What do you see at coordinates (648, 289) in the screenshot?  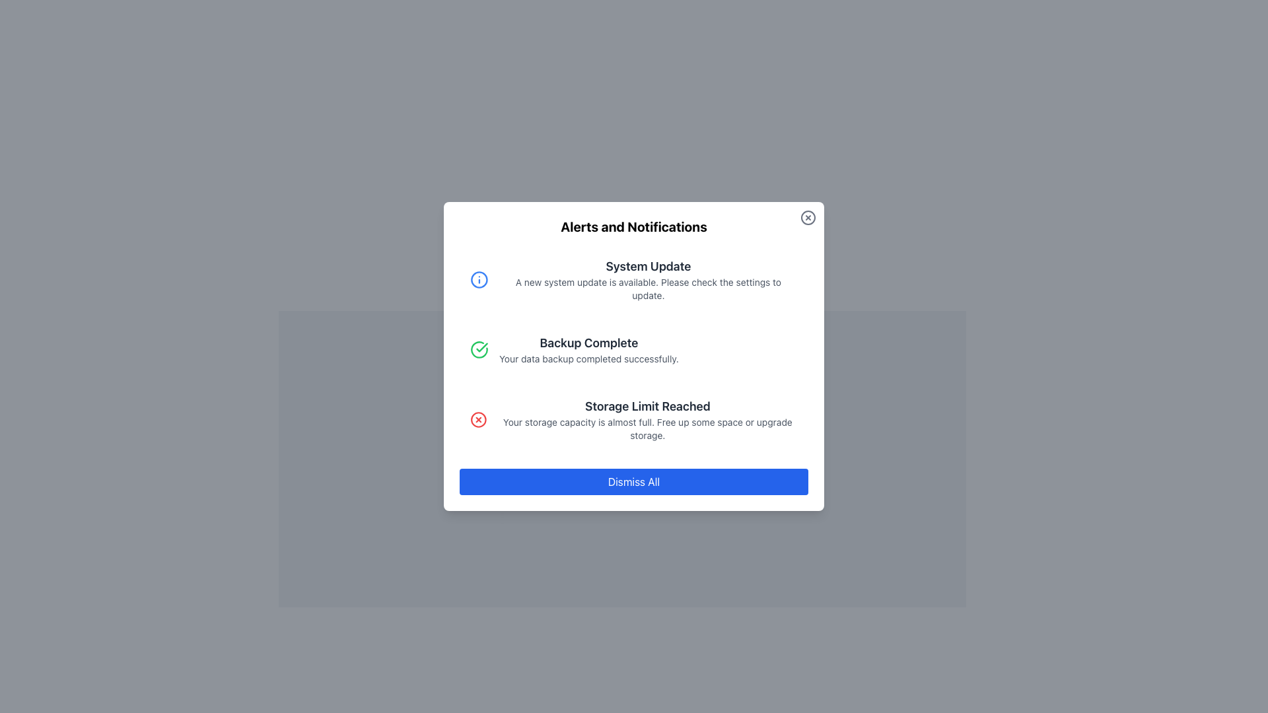 I see `informational text displaying 'A new system update is available. Please check the settings to update.' which is located below the title 'System Update' in the Alerts and Notifications card` at bounding box center [648, 289].